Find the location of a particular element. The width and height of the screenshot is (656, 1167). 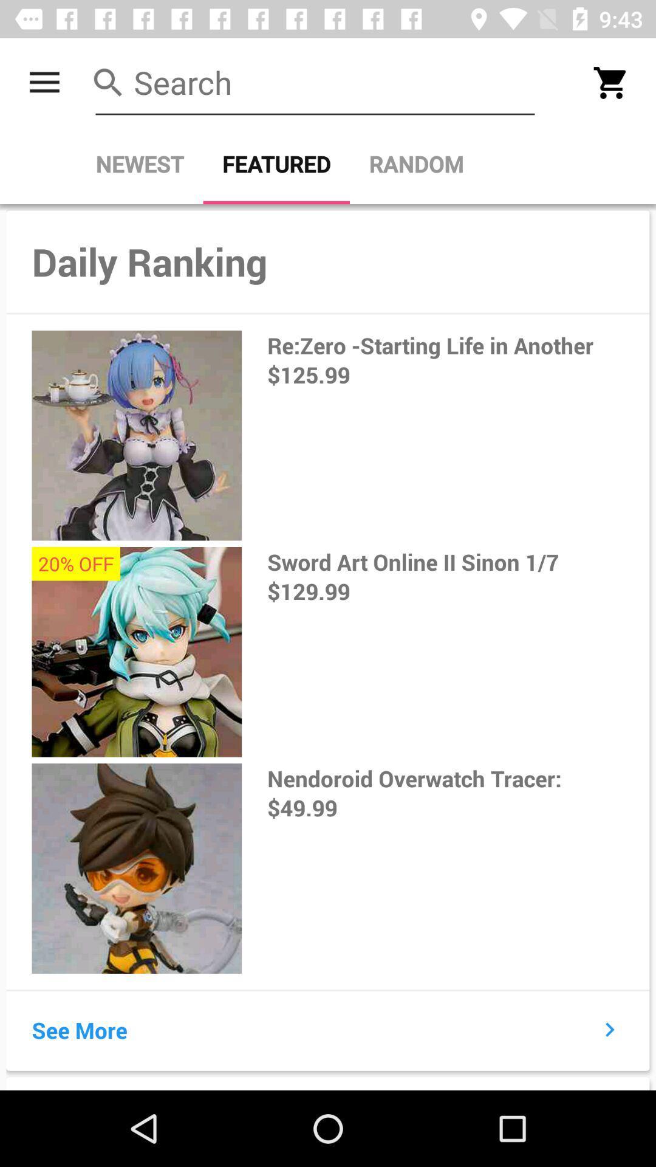

search field is located at coordinates (315, 82).